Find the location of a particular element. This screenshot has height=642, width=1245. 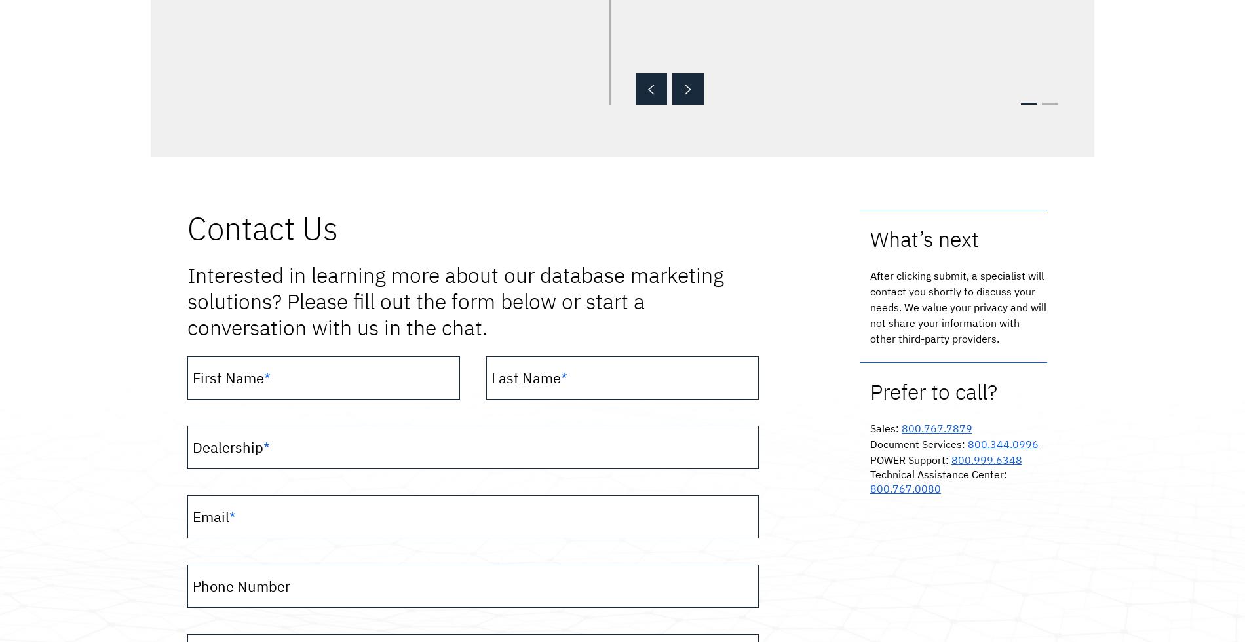

'Prefer to call?' is located at coordinates (934, 391).